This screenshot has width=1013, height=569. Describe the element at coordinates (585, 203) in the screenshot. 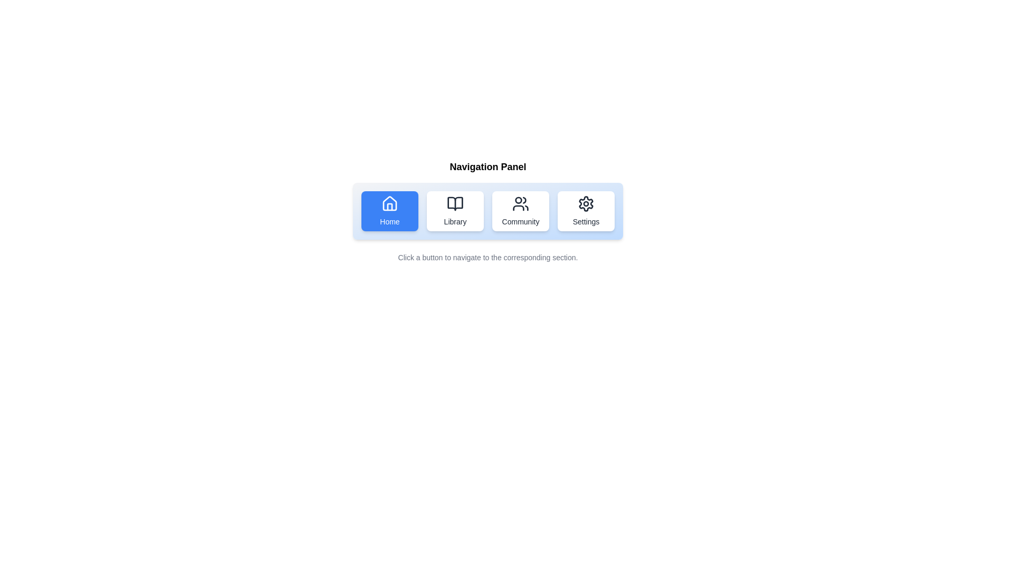

I see `the 'Settings' icon located in the navigation panel, which is the last icon in the row following 'Community'` at that location.